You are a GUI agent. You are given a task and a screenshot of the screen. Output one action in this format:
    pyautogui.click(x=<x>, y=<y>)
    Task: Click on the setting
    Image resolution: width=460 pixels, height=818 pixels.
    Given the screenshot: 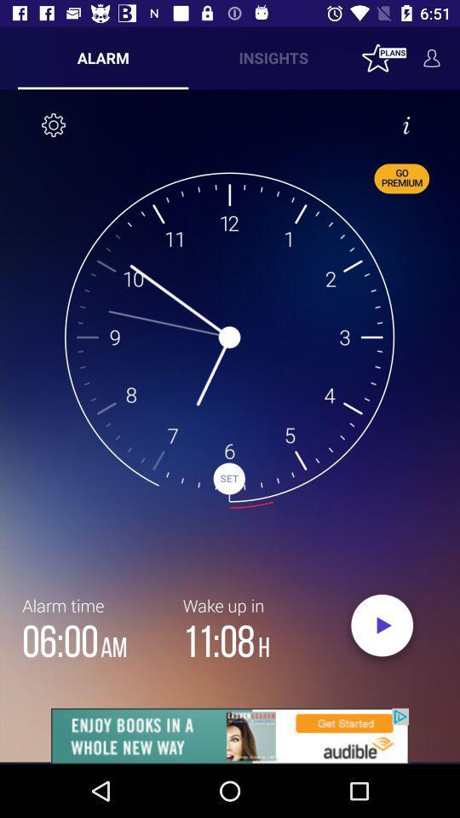 What is the action you would take?
    pyautogui.click(x=54, y=124)
    